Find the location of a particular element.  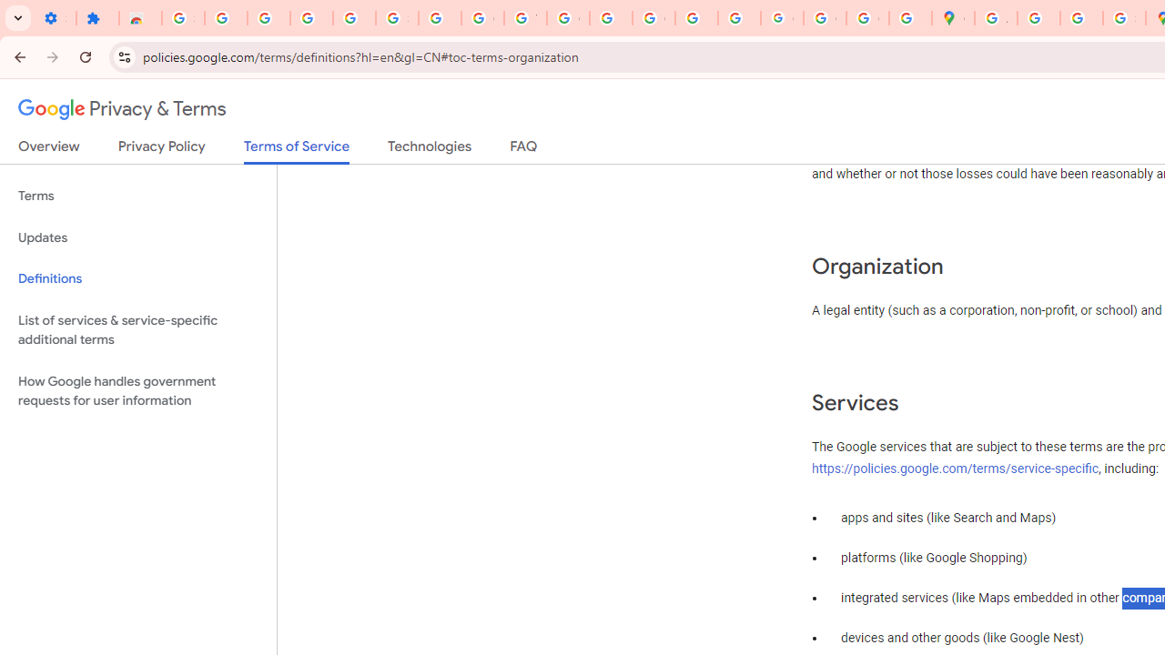

'How Google handles government requests for user information' is located at coordinates (137, 389).